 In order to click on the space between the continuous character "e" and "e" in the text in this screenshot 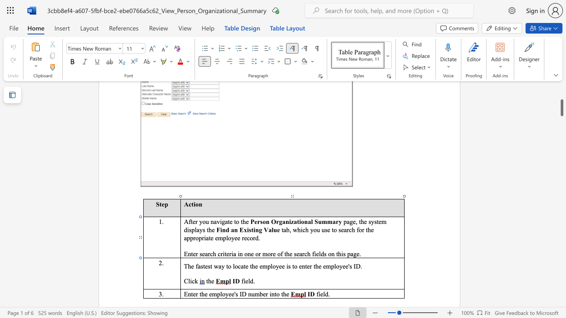, I will do `click(231, 294)`.